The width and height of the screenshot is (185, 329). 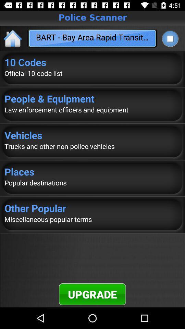 What do you see at coordinates (170, 38) in the screenshot?
I see `stop scanner` at bounding box center [170, 38].